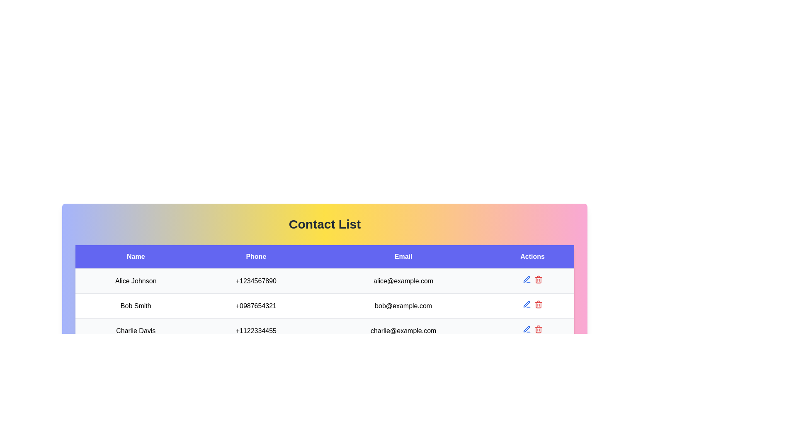  Describe the element at coordinates (403, 330) in the screenshot. I see `the email address 'charlie@example.com' located in the 'Email' column of the table under the 'Contact List' section, specifically in the row for 'Charlie Davis'` at that location.